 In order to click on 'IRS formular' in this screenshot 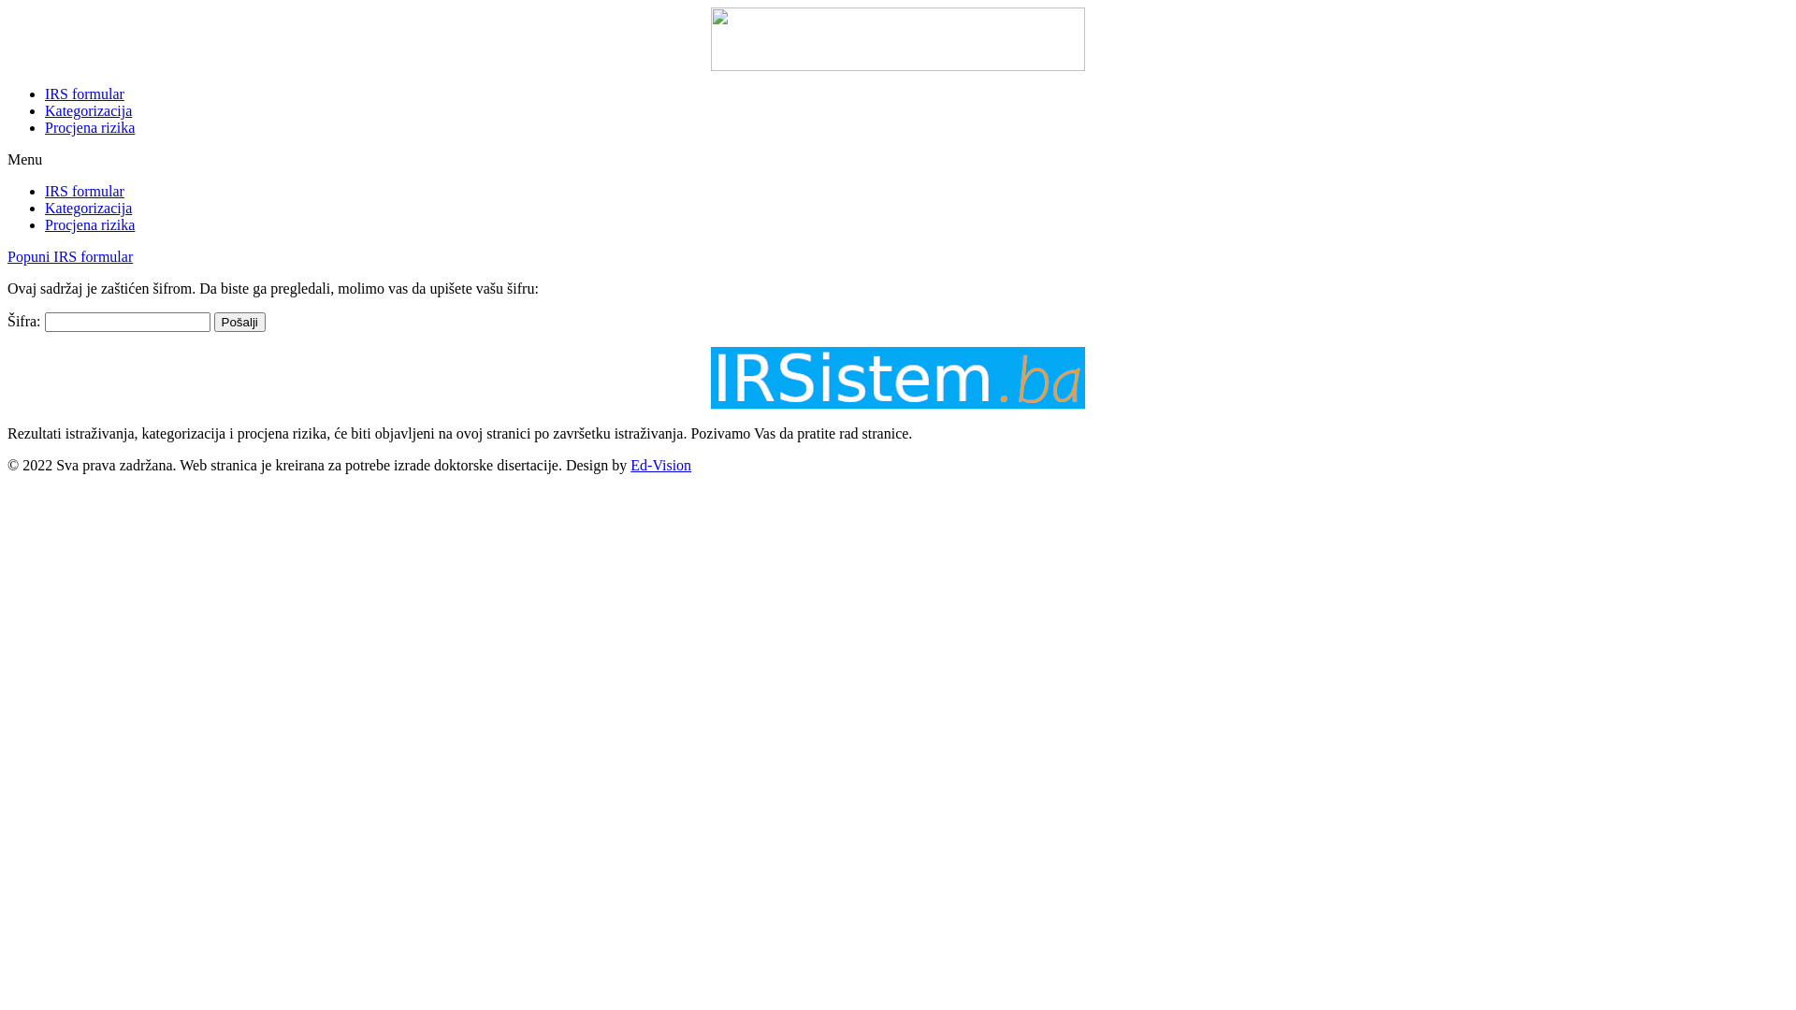, I will do `click(45, 191)`.